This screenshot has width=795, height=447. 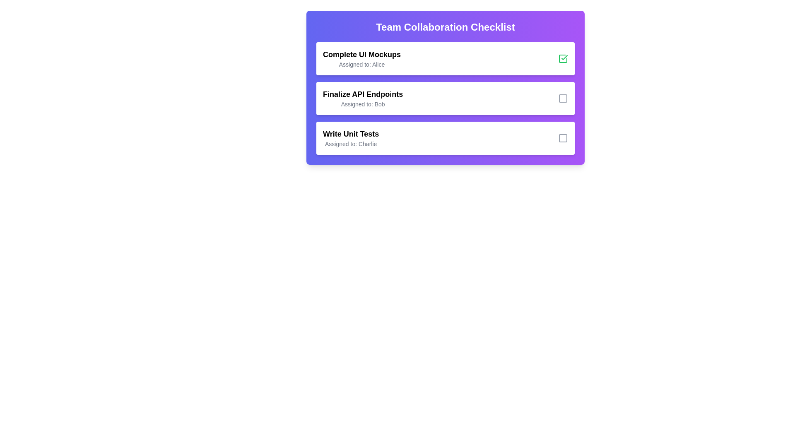 What do you see at coordinates (363, 98) in the screenshot?
I see `the Text content block that serves as a task description, positioned as the second item in the task list` at bounding box center [363, 98].